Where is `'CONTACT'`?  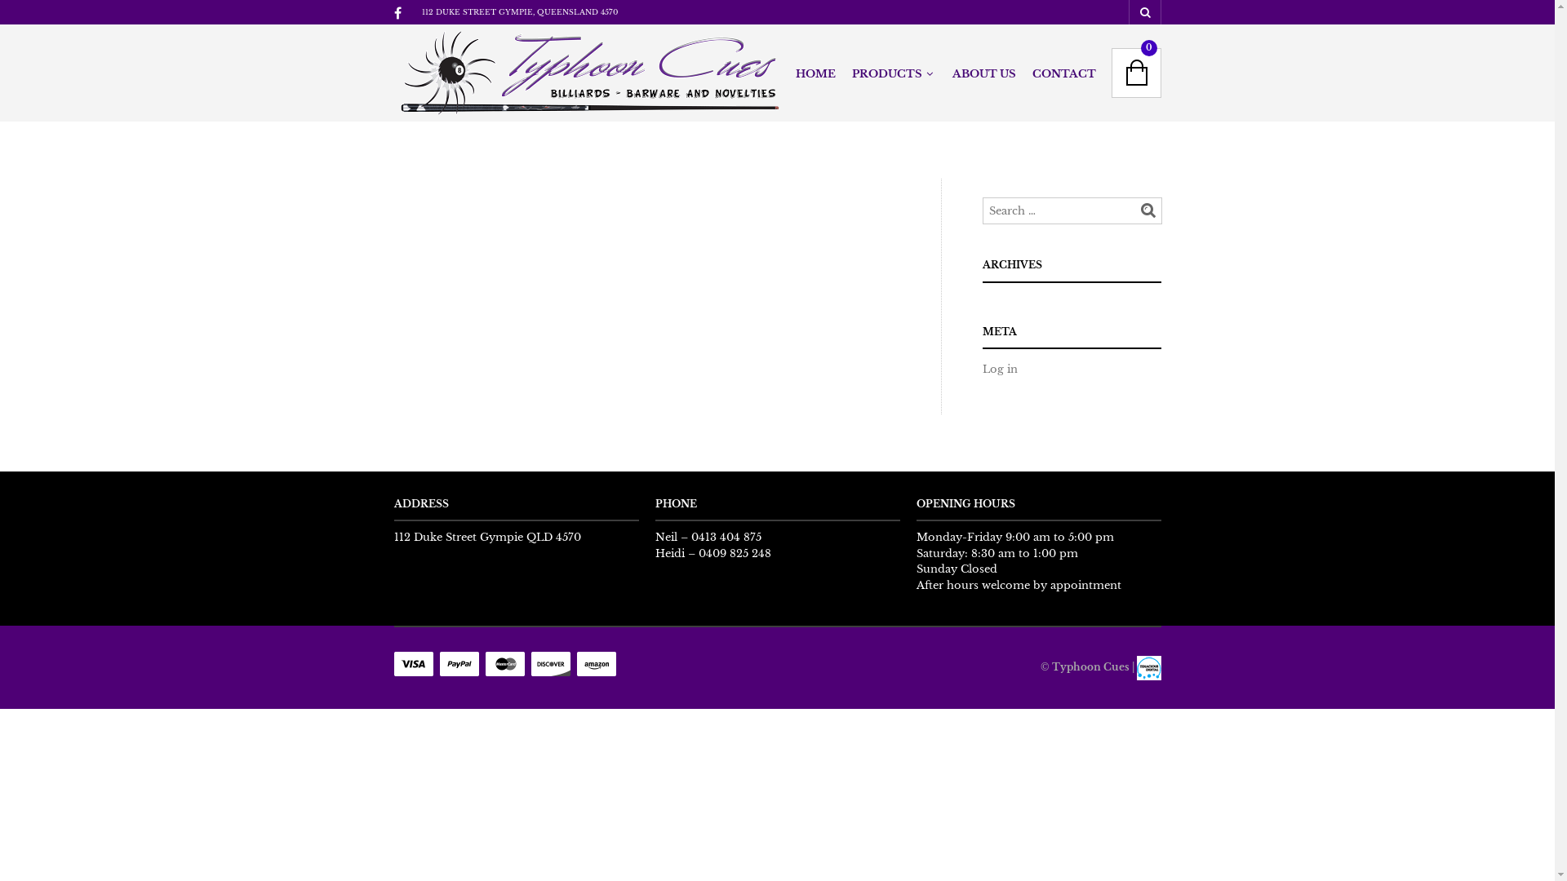 'CONTACT' is located at coordinates (1063, 74).